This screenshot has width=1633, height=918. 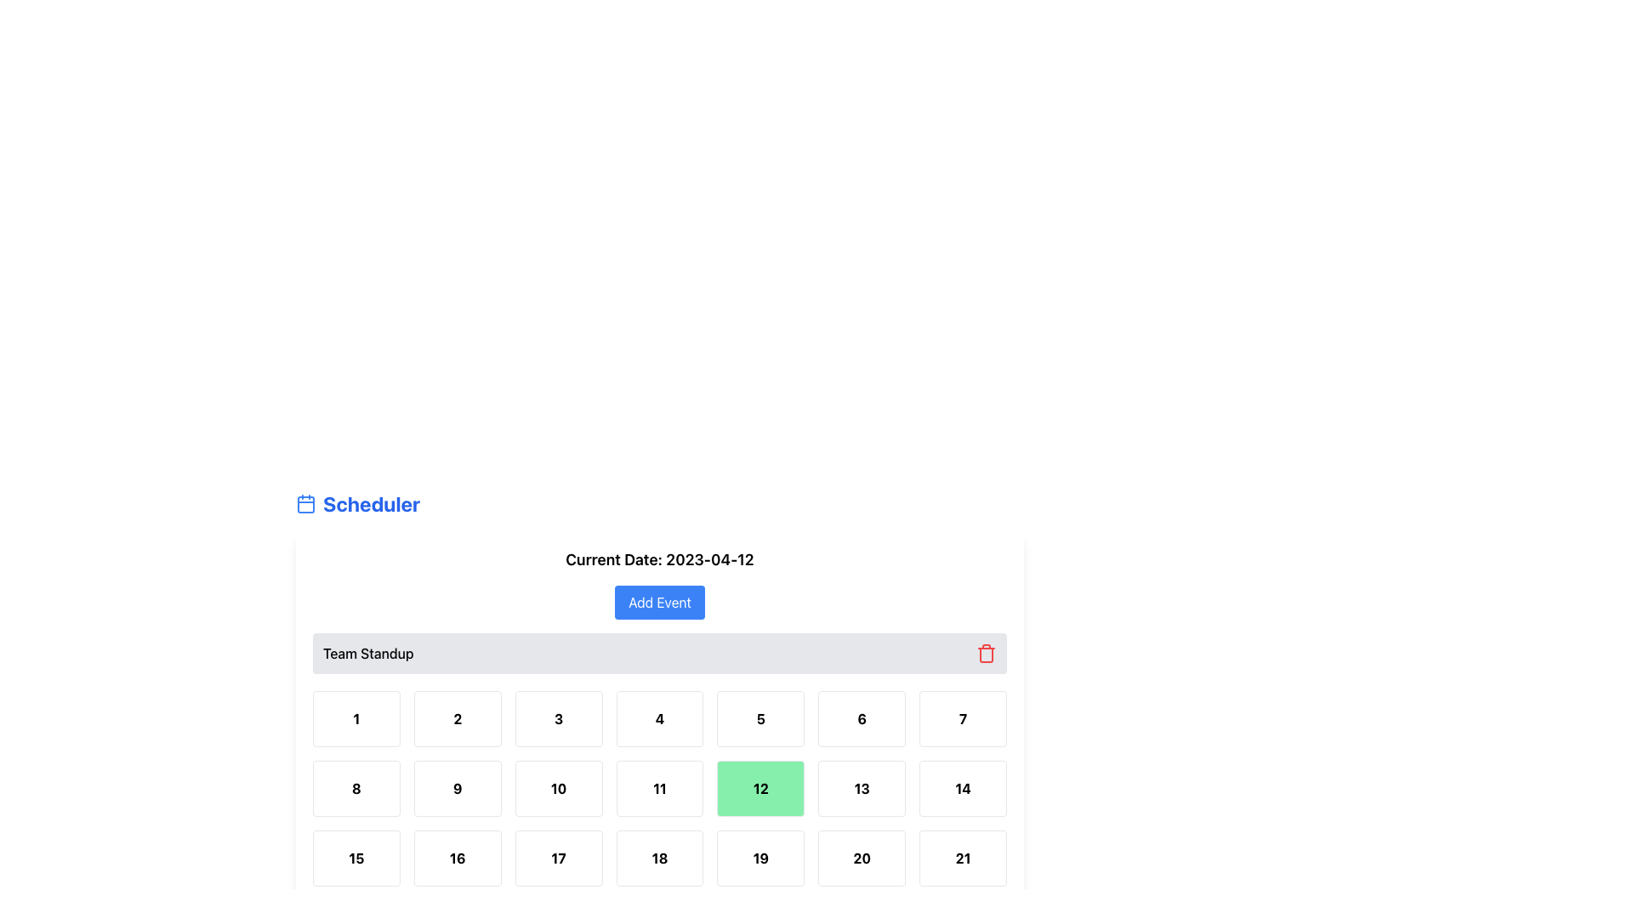 What do you see at coordinates (659, 858) in the screenshot?
I see `the button displaying the number '18', which is located in the fourth cell of the third row in a 7-column grid layout below the 'Scheduler' header and 'Add Event' button` at bounding box center [659, 858].